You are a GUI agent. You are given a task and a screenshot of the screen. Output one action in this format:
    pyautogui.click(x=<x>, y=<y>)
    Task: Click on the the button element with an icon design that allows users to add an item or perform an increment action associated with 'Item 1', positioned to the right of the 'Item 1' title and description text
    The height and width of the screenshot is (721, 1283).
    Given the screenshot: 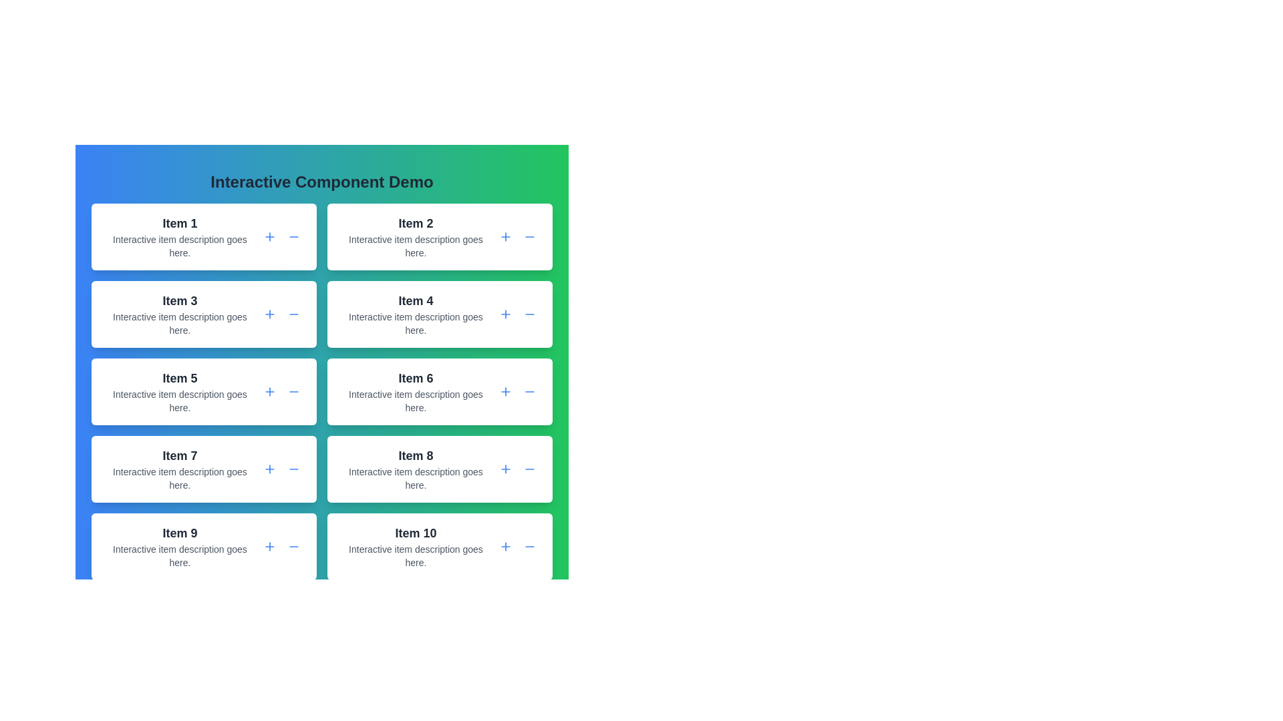 What is the action you would take?
    pyautogui.click(x=269, y=236)
    